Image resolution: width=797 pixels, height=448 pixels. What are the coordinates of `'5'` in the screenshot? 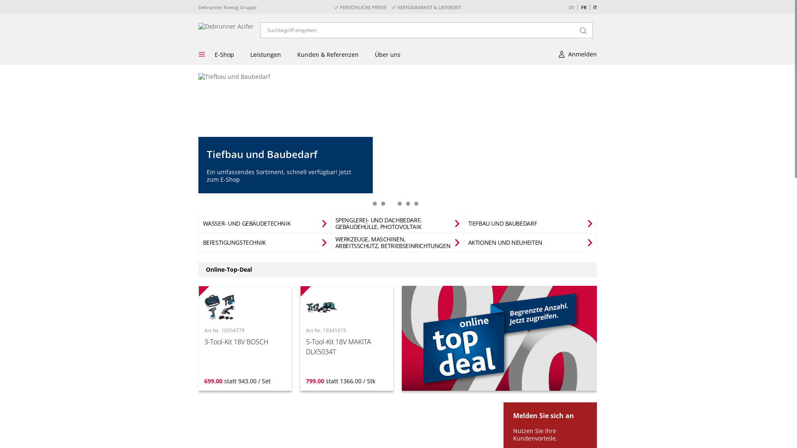 It's located at (408, 203).